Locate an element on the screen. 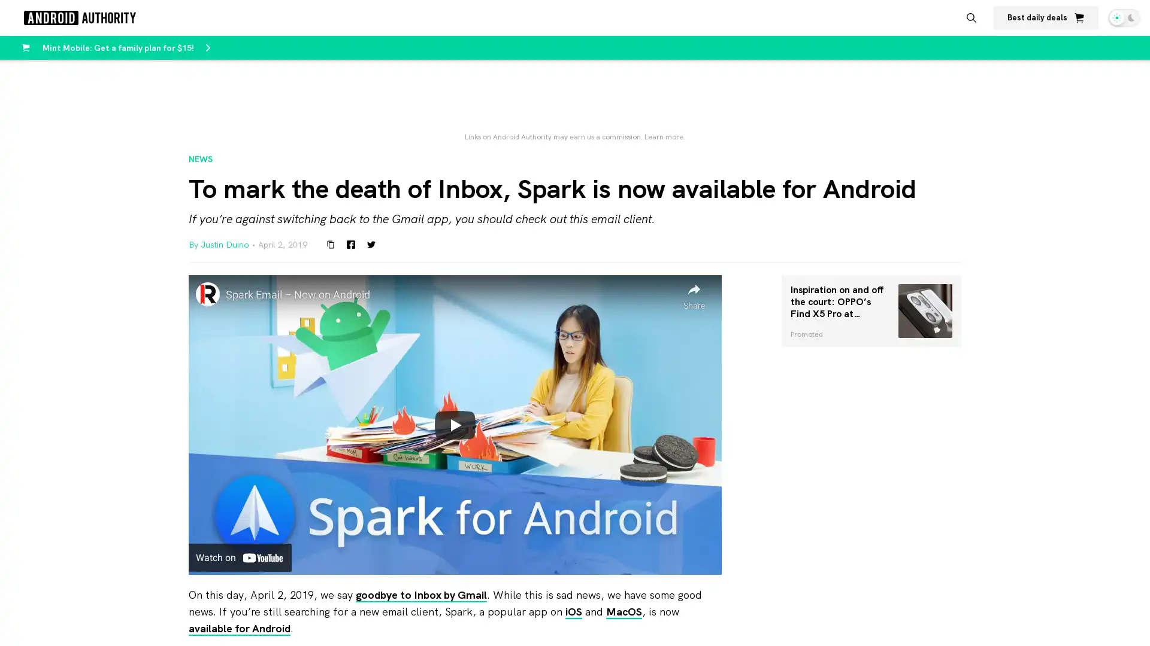 Image resolution: width=1150 pixels, height=646 pixels. Copy is located at coordinates (331, 243).